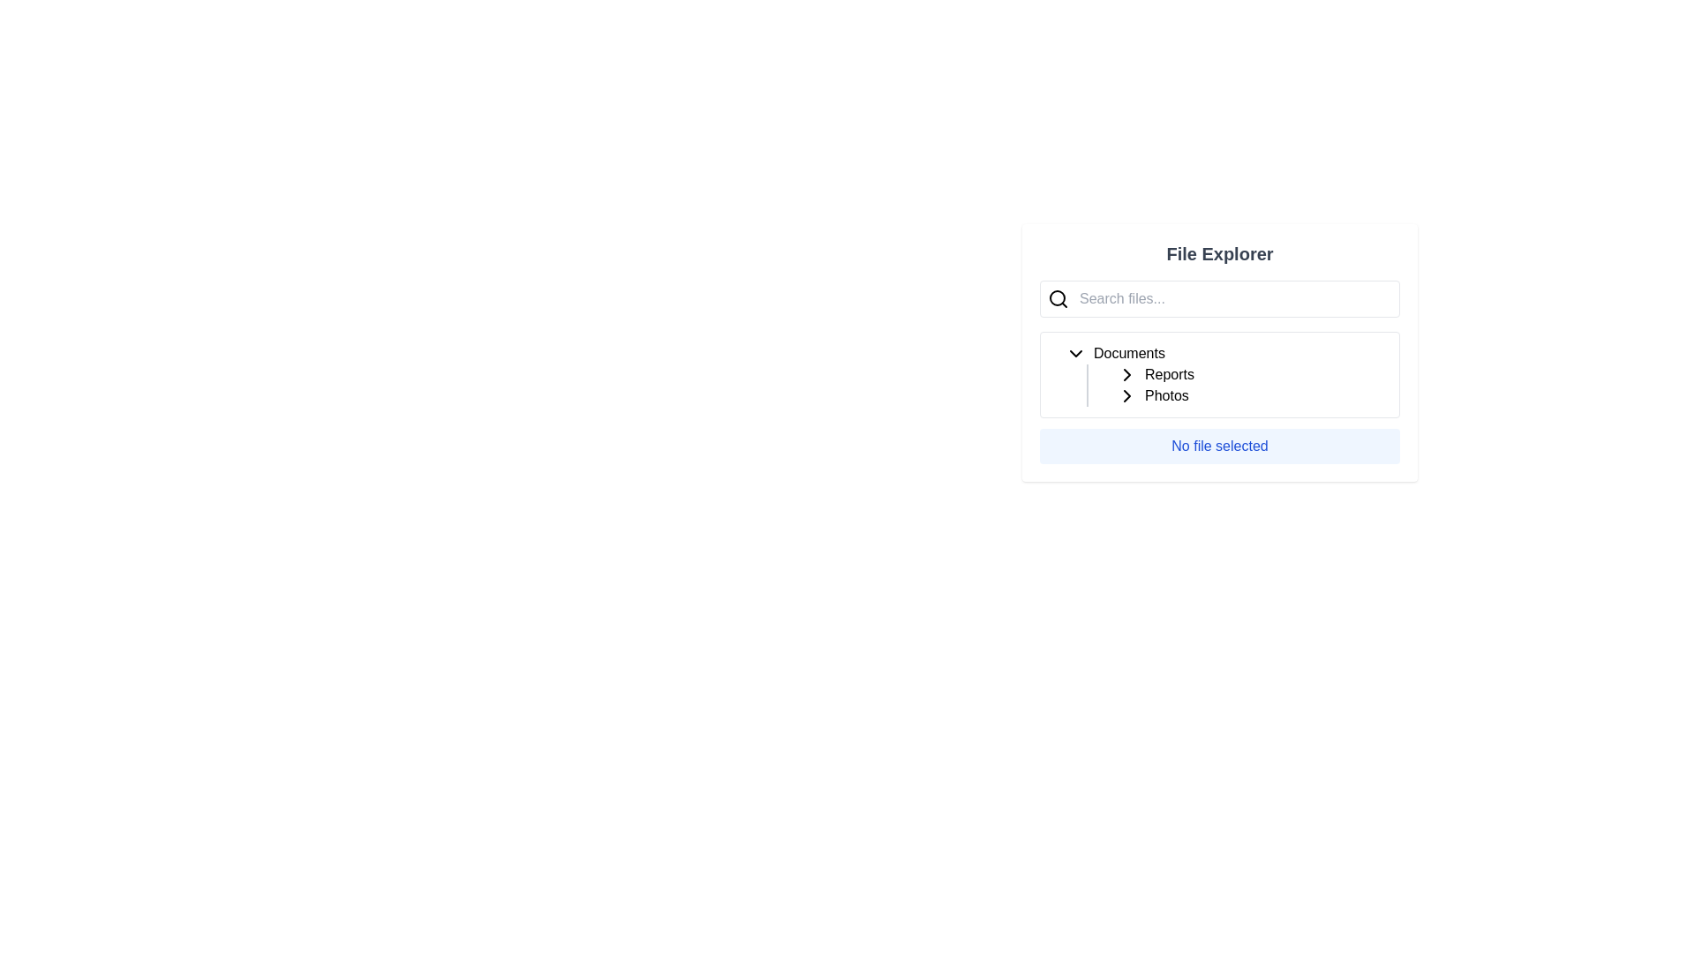  I want to click on the toggle button represented as a chevron icon, which is a black arrow-shaped icon pointing to the right, located to the left of the text 'Reports' in the file explorer interface, so click(1126, 373).